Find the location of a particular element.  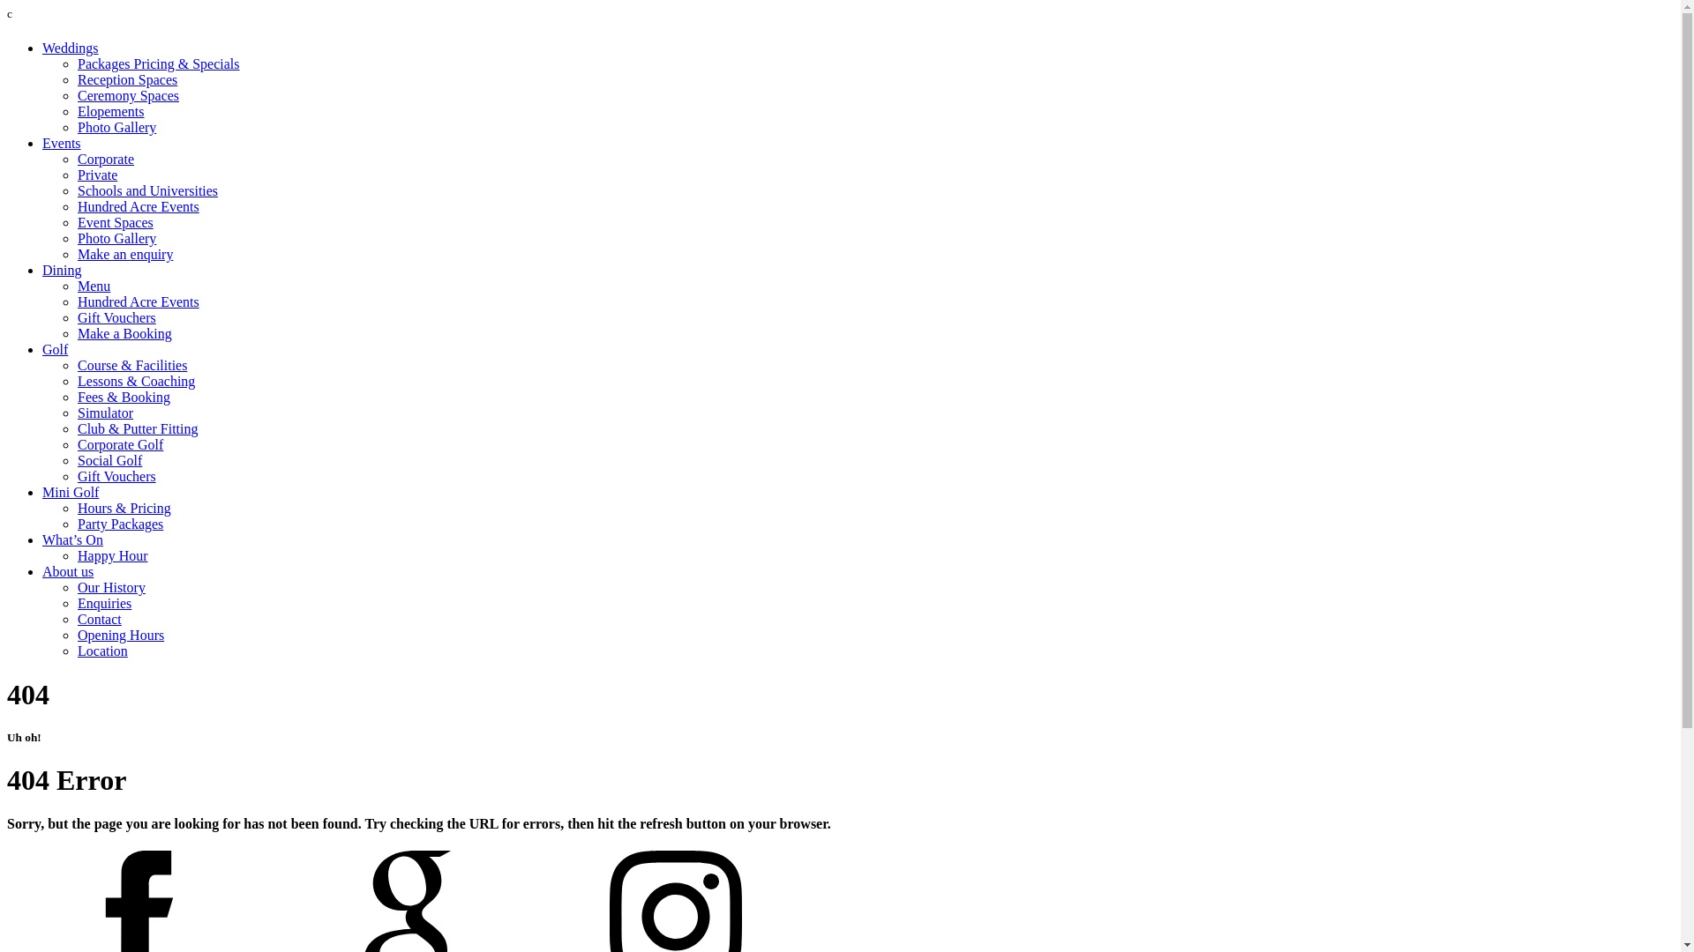

'Elopements' is located at coordinates (76, 111).